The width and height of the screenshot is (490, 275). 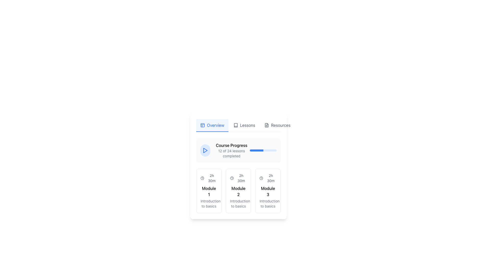 I want to click on progress information displayed in the 'Course Progress' informational display, which shows '12 of 24 lessons completed', so click(x=225, y=150).